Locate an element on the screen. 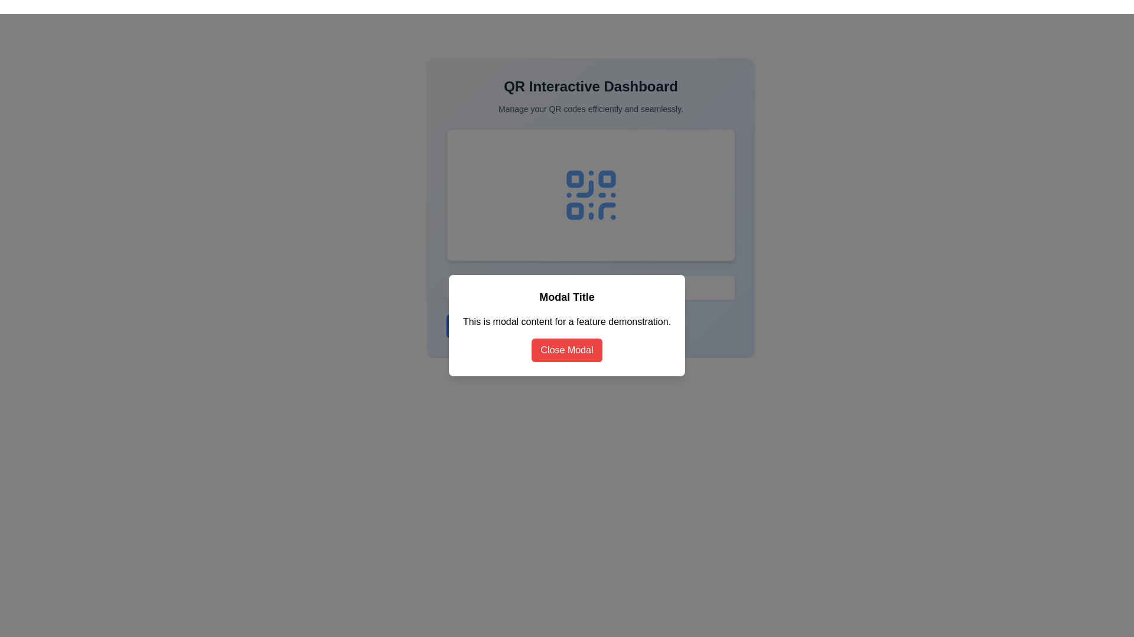 Image resolution: width=1134 pixels, height=637 pixels. the second square with rounded corners in the QR-like graphic at the top-center of the modal dialog is located at coordinates (607, 179).